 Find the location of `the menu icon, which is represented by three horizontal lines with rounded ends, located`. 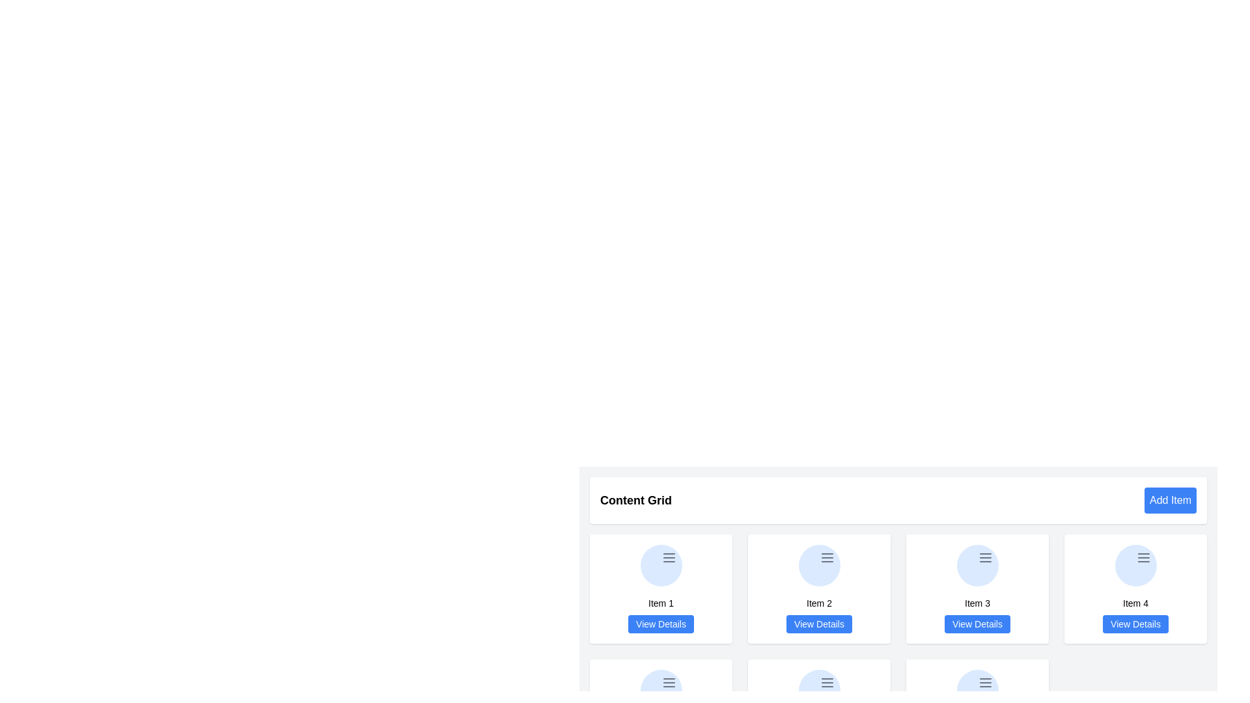

the menu icon, which is represented by three horizontal lines with rounded ends, located is located at coordinates (669, 557).